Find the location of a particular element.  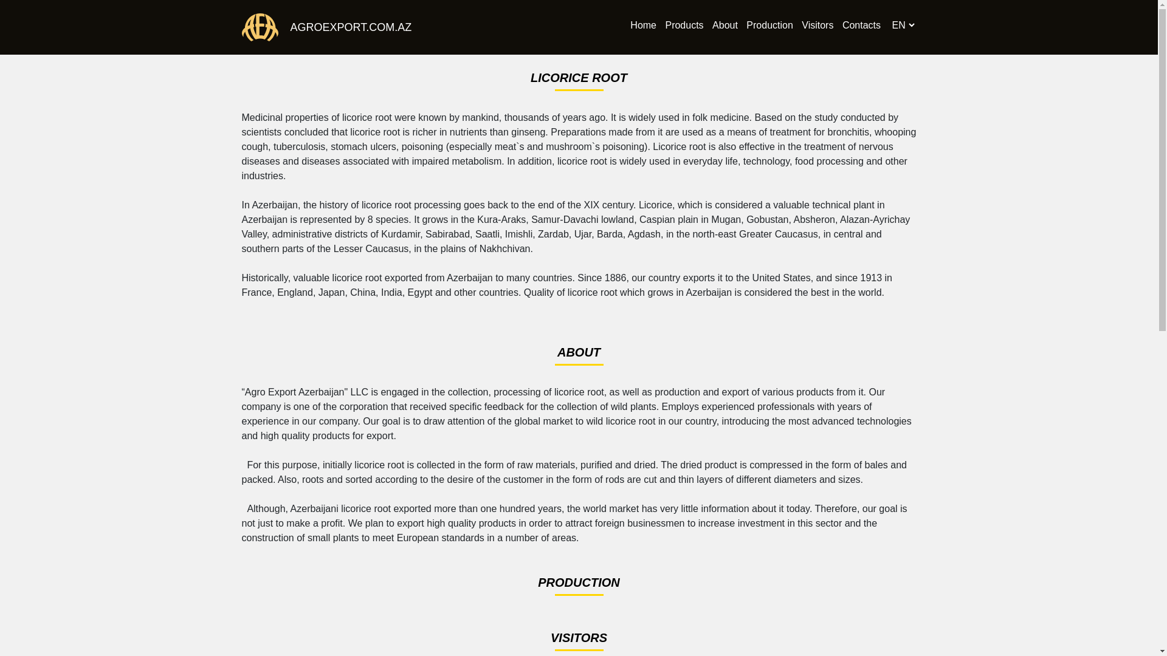

'Home' is located at coordinates (630, 26).